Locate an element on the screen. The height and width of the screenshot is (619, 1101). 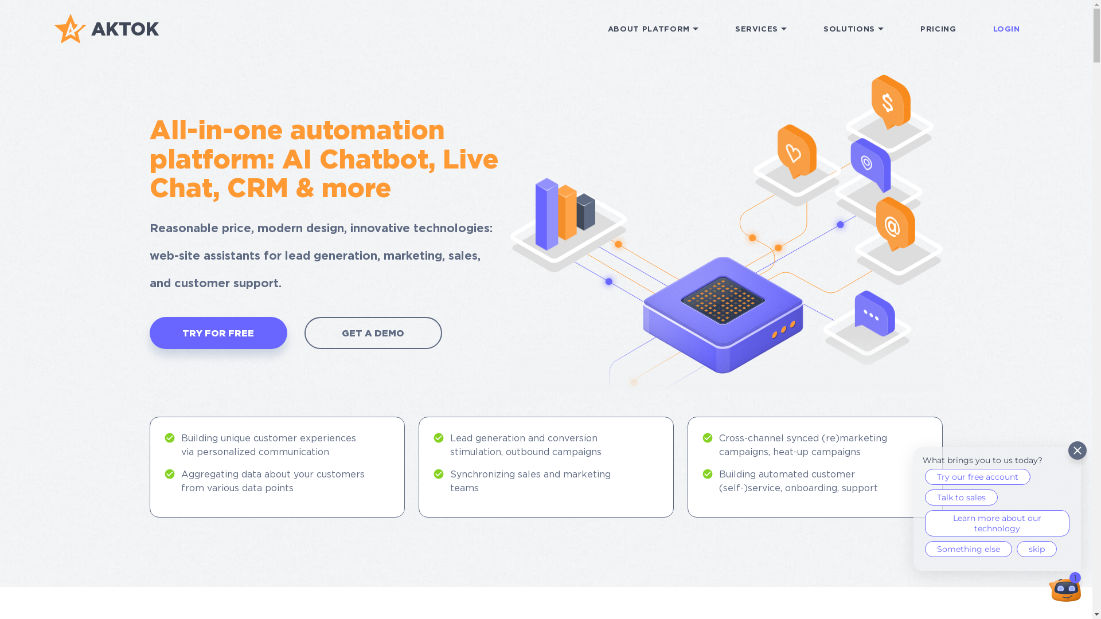
'SOLUTIONS' is located at coordinates (853, 28).